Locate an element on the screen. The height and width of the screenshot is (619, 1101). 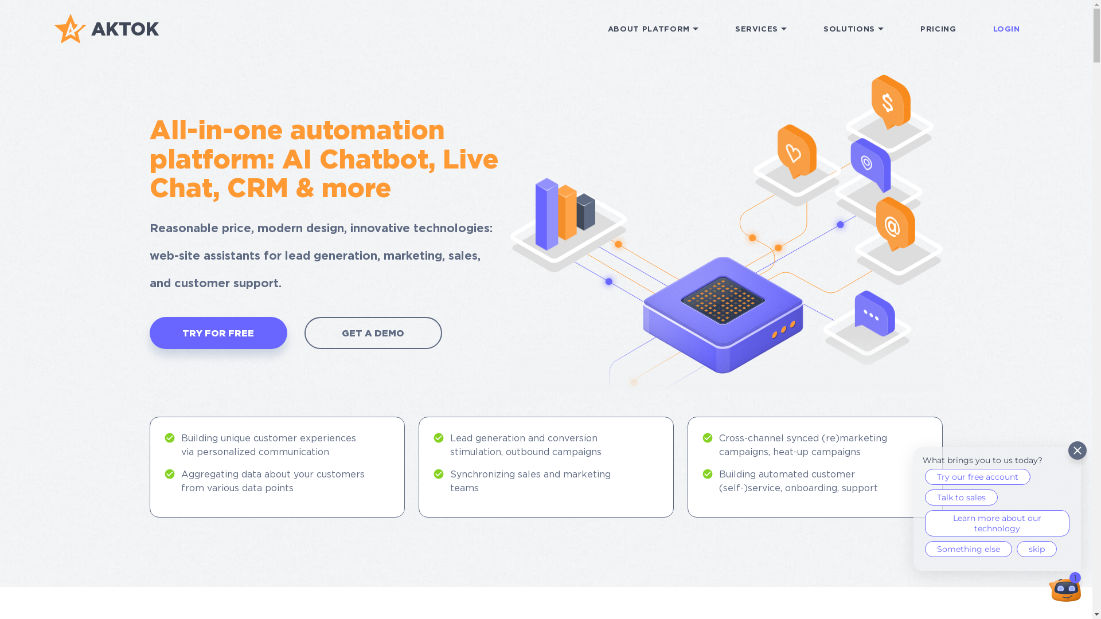
'SOLUTIONS' is located at coordinates (853, 28).